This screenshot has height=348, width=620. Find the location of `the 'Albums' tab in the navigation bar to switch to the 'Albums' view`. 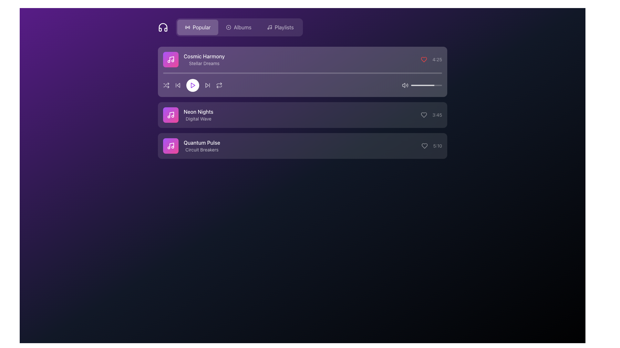

the 'Albums' tab in the navigation bar to switch to the 'Albums' view is located at coordinates (239, 27).